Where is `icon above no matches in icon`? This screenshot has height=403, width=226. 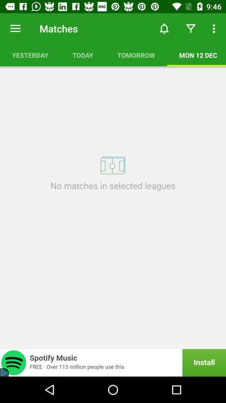 icon above no matches in icon is located at coordinates (30, 55).